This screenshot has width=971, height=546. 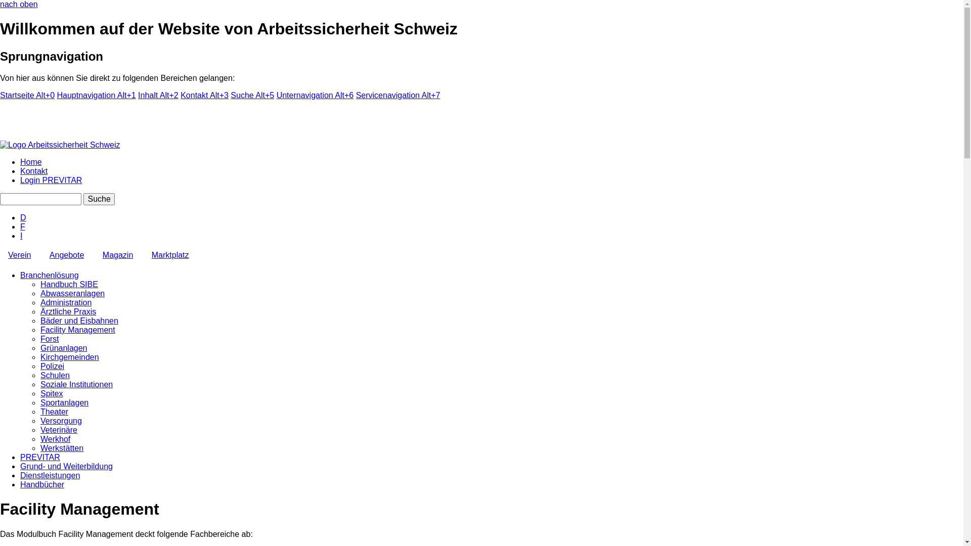 I want to click on 'Kontakt', so click(x=34, y=170).